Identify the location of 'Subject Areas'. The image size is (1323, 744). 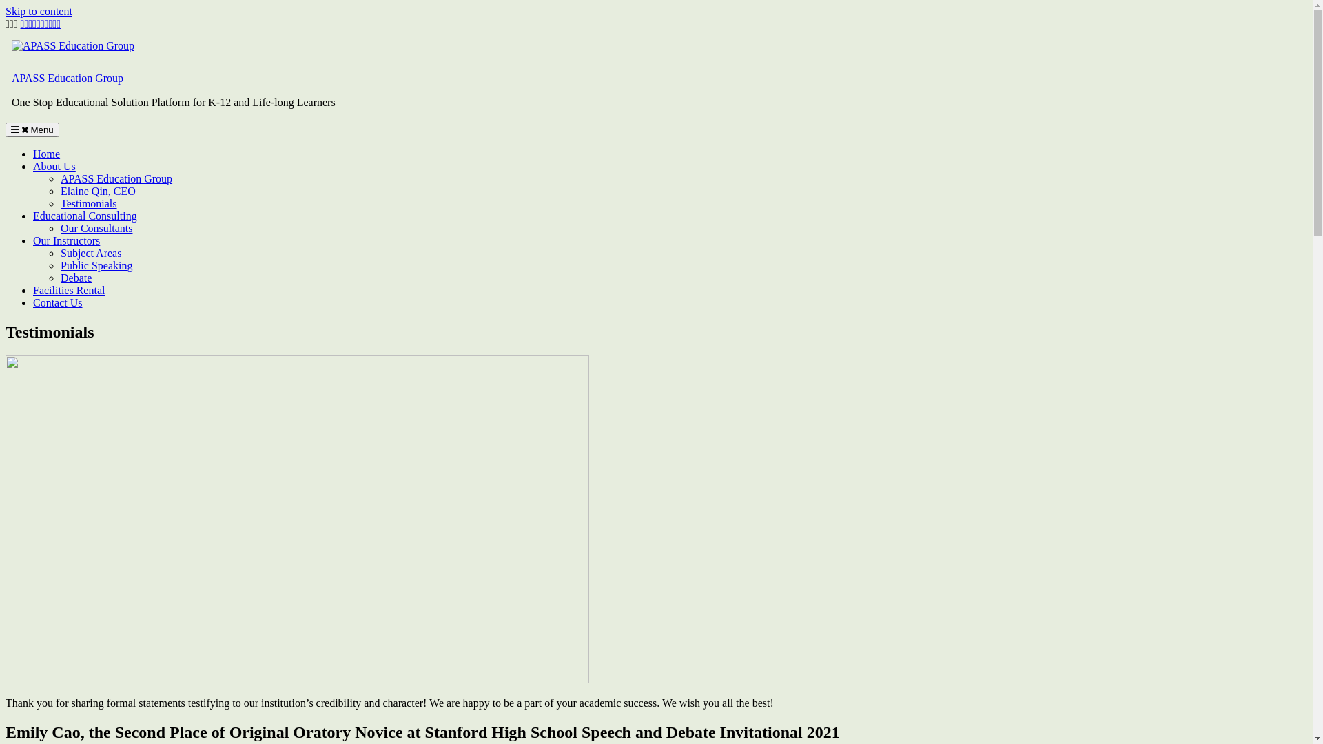
(59, 253).